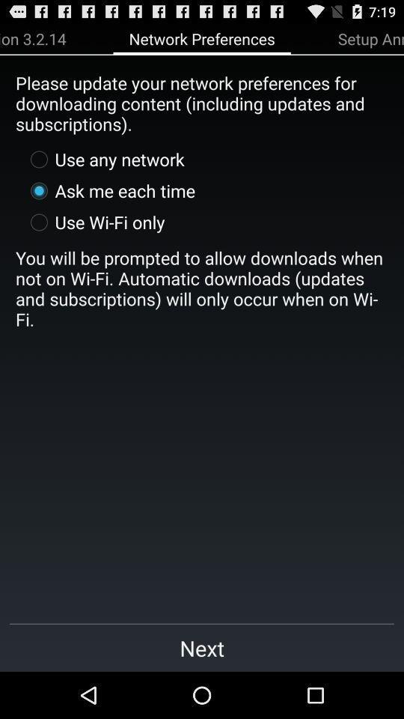 This screenshot has width=404, height=719. What do you see at coordinates (108, 189) in the screenshot?
I see `ask me each item` at bounding box center [108, 189].